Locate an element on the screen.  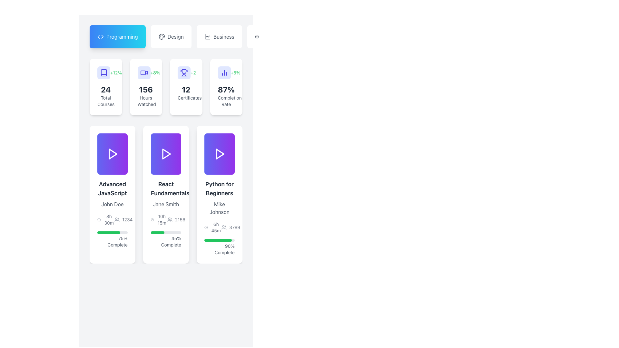
the play button icon, which is a white triangle on a gradient indigo is located at coordinates (113, 154).